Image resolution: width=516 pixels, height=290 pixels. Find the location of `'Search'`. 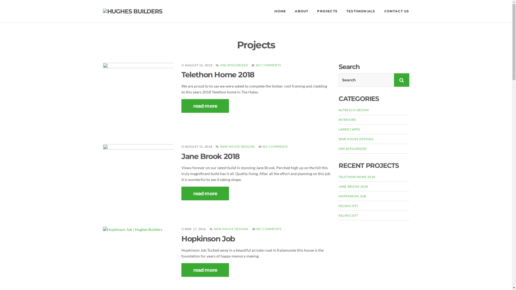

'Search' is located at coordinates (401, 80).